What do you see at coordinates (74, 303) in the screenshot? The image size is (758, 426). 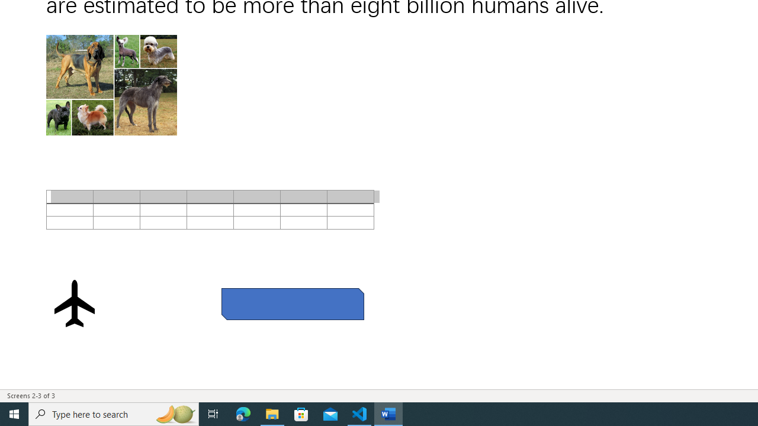 I see `'Airplane with solid fill'` at bounding box center [74, 303].